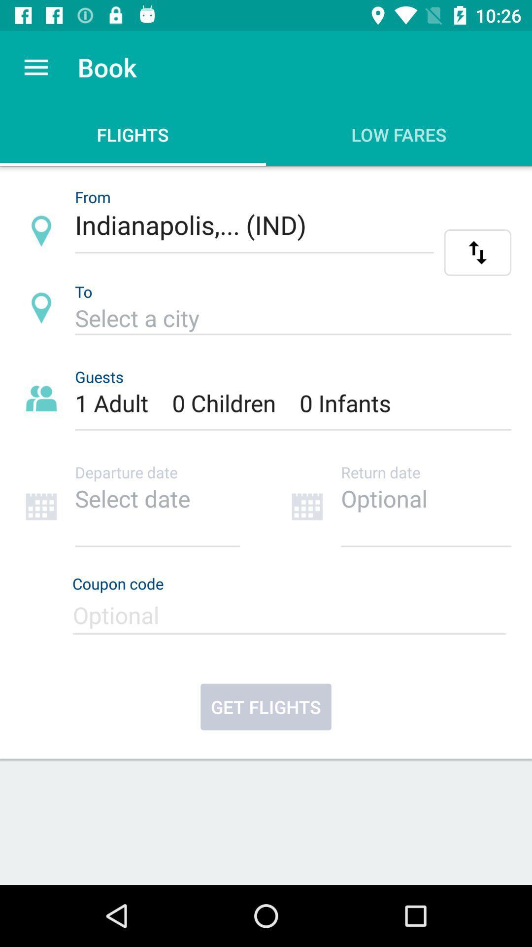  What do you see at coordinates (291, 619) in the screenshot?
I see `coupon code` at bounding box center [291, 619].